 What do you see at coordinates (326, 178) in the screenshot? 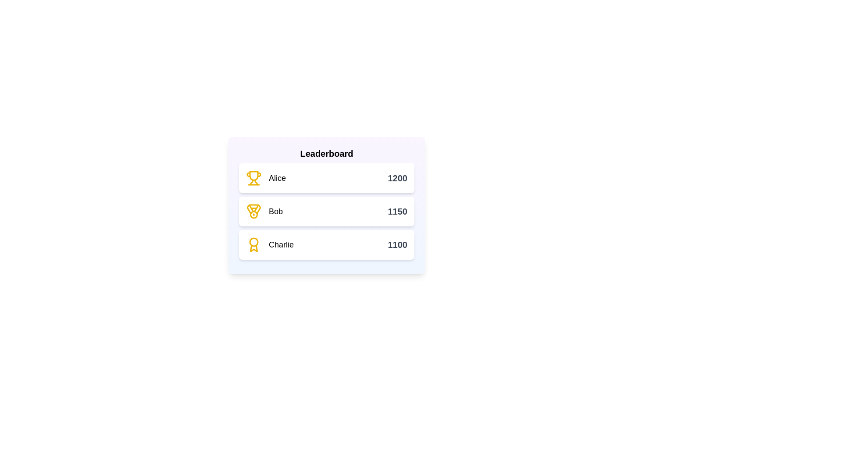
I see `the leaderboard item corresponding to Alice to observe the hover effect` at bounding box center [326, 178].